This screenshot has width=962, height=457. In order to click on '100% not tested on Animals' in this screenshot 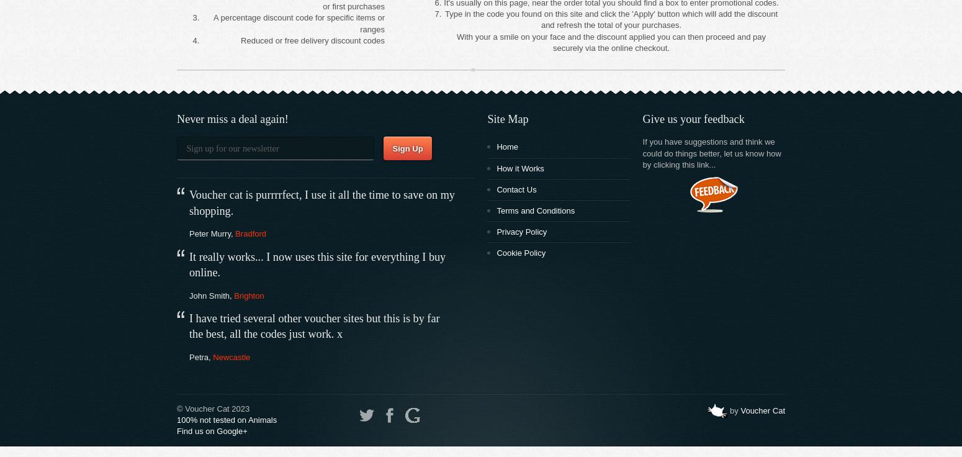, I will do `click(226, 419)`.